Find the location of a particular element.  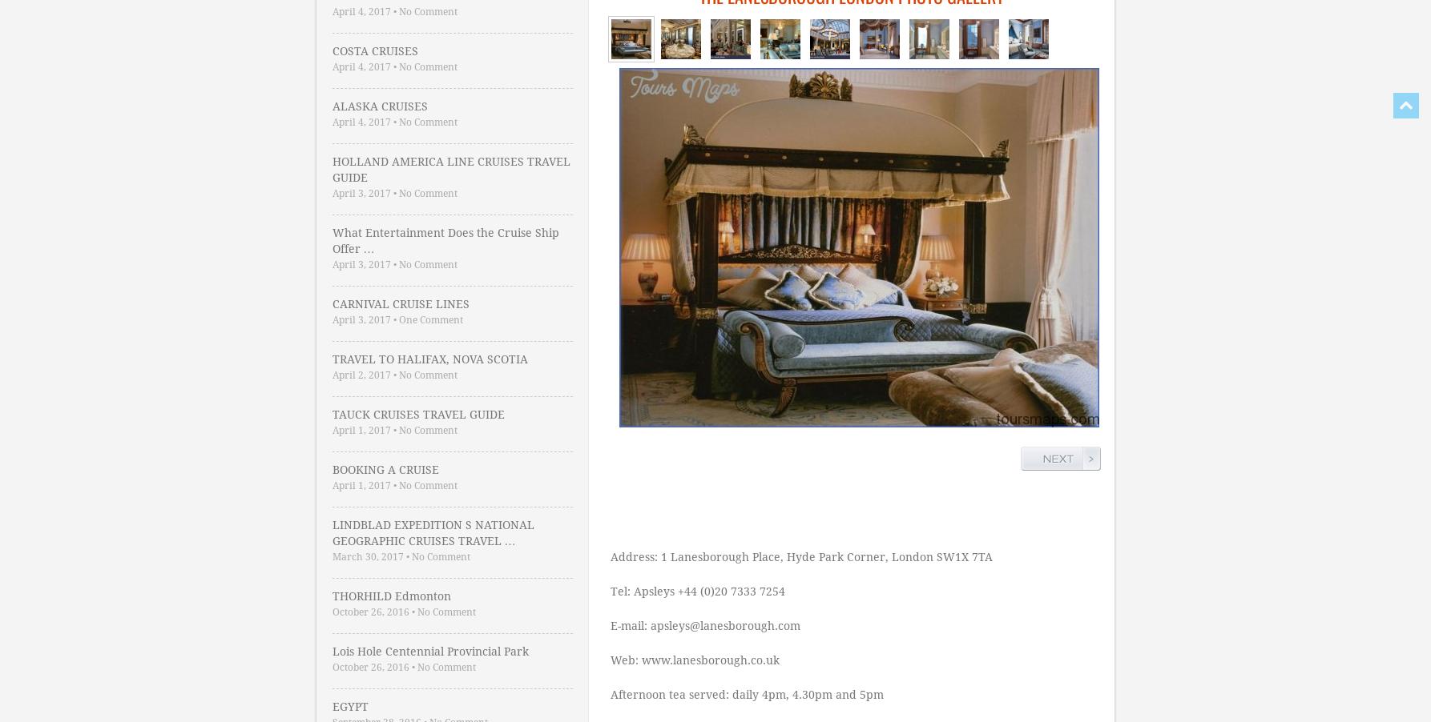

'HOLLAND AMERICA LINE CRUISES TRAVEL GUIDE' is located at coordinates (331, 168).